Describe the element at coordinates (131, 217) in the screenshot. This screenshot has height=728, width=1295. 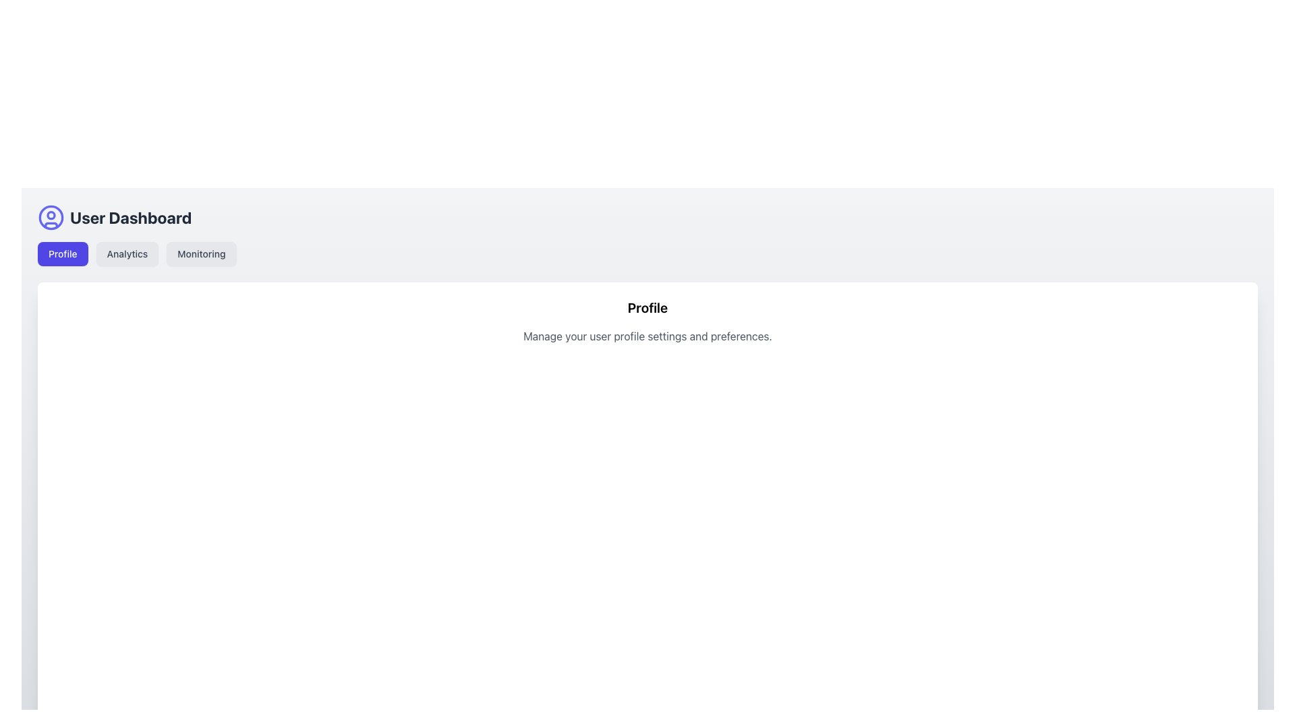
I see `the text label displaying 'User Dashboard', which is styled in large bold font and aligned to the right of a user profile icon in the top-left area of the interface` at that location.